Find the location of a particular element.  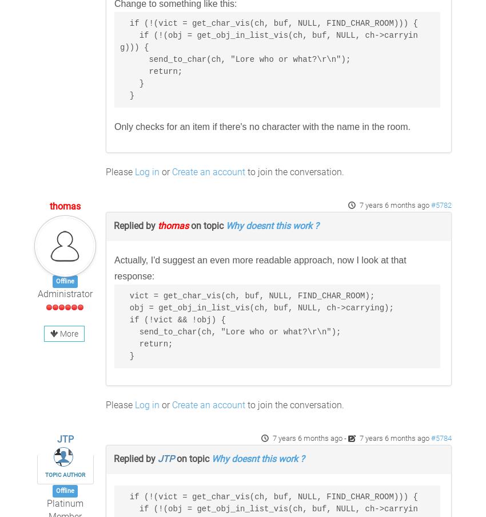

'vict = get_char_vis(ch, buf, NULL, FIND_CHAR_ROOM);
  obj = get_obj_in_list_vis(ch, buf, NULL, ch->carrying);
  if (!vict && !obj) {
    send_to_char(ch, "Lore who or what?\r\n");
    return;
  }' is located at coordinates (256, 325).